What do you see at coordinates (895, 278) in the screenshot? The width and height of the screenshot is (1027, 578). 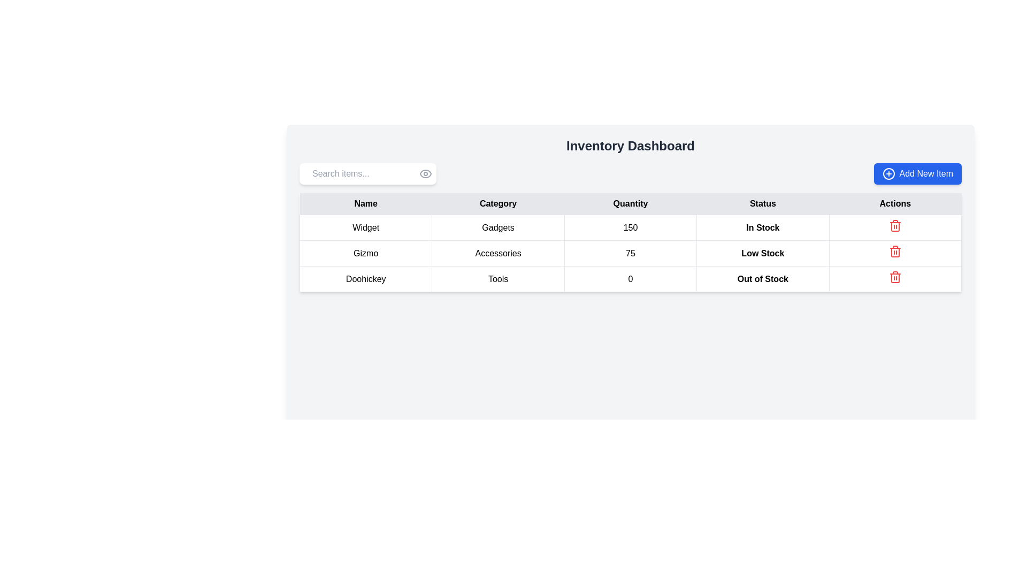 I see `the delete icon button for the 'Doohickey' item located in the last column of the Actions row in the inventory dashboard` at bounding box center [895, 278].